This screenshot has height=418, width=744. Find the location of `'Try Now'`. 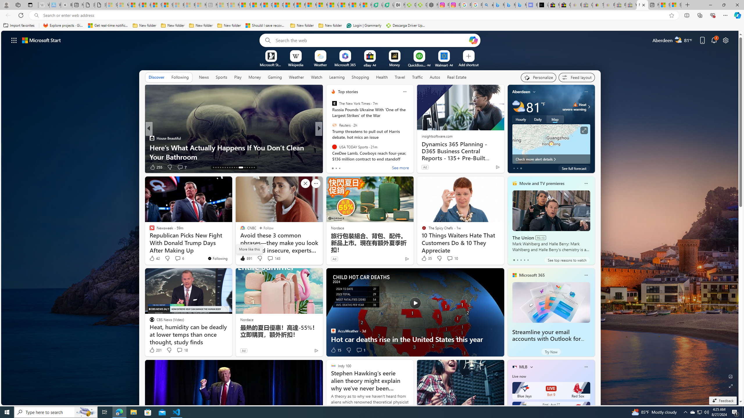

'Try Now' is located at coordinates (551, 351).